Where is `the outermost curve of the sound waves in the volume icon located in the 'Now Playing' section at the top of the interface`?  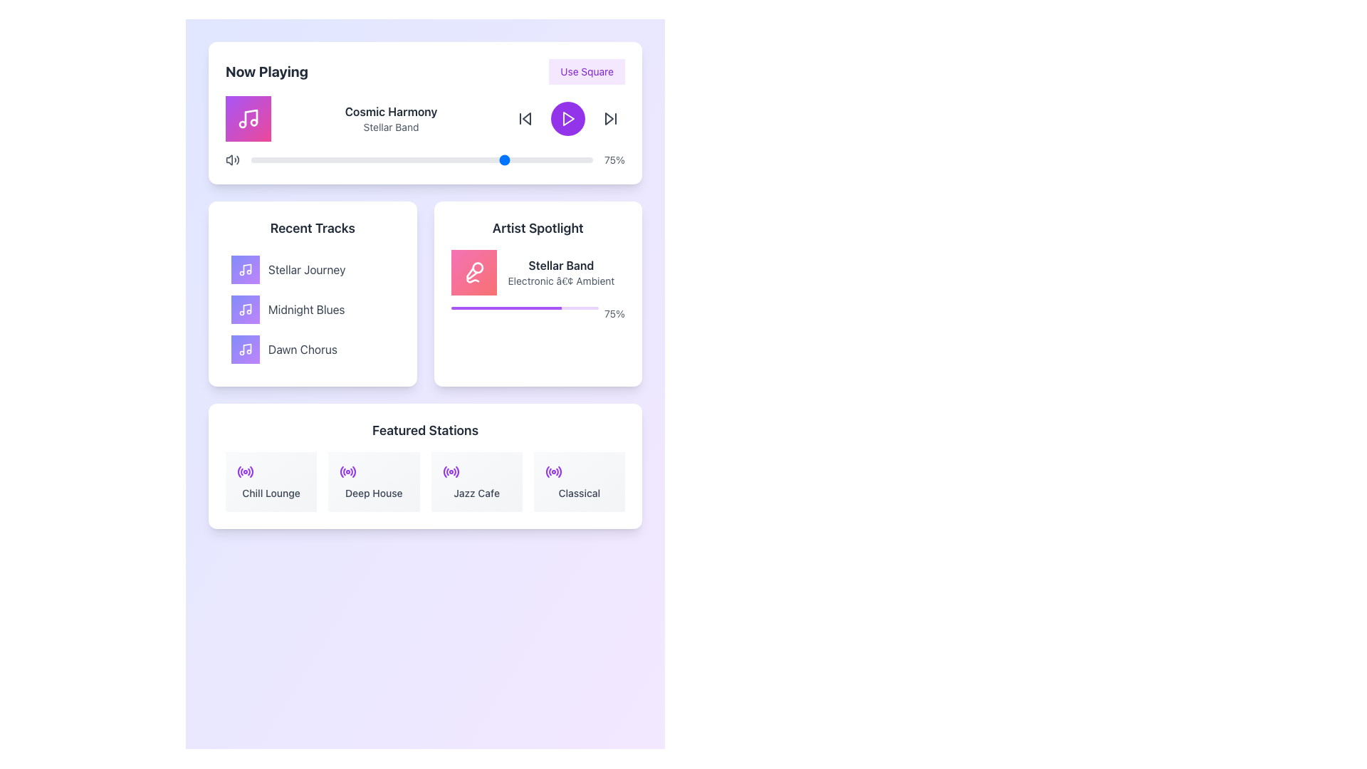 the outermost curve of the sound waves in the volume icon located in the 'Now Playing' section at the top of the interface is located at coordinates (238, 159).